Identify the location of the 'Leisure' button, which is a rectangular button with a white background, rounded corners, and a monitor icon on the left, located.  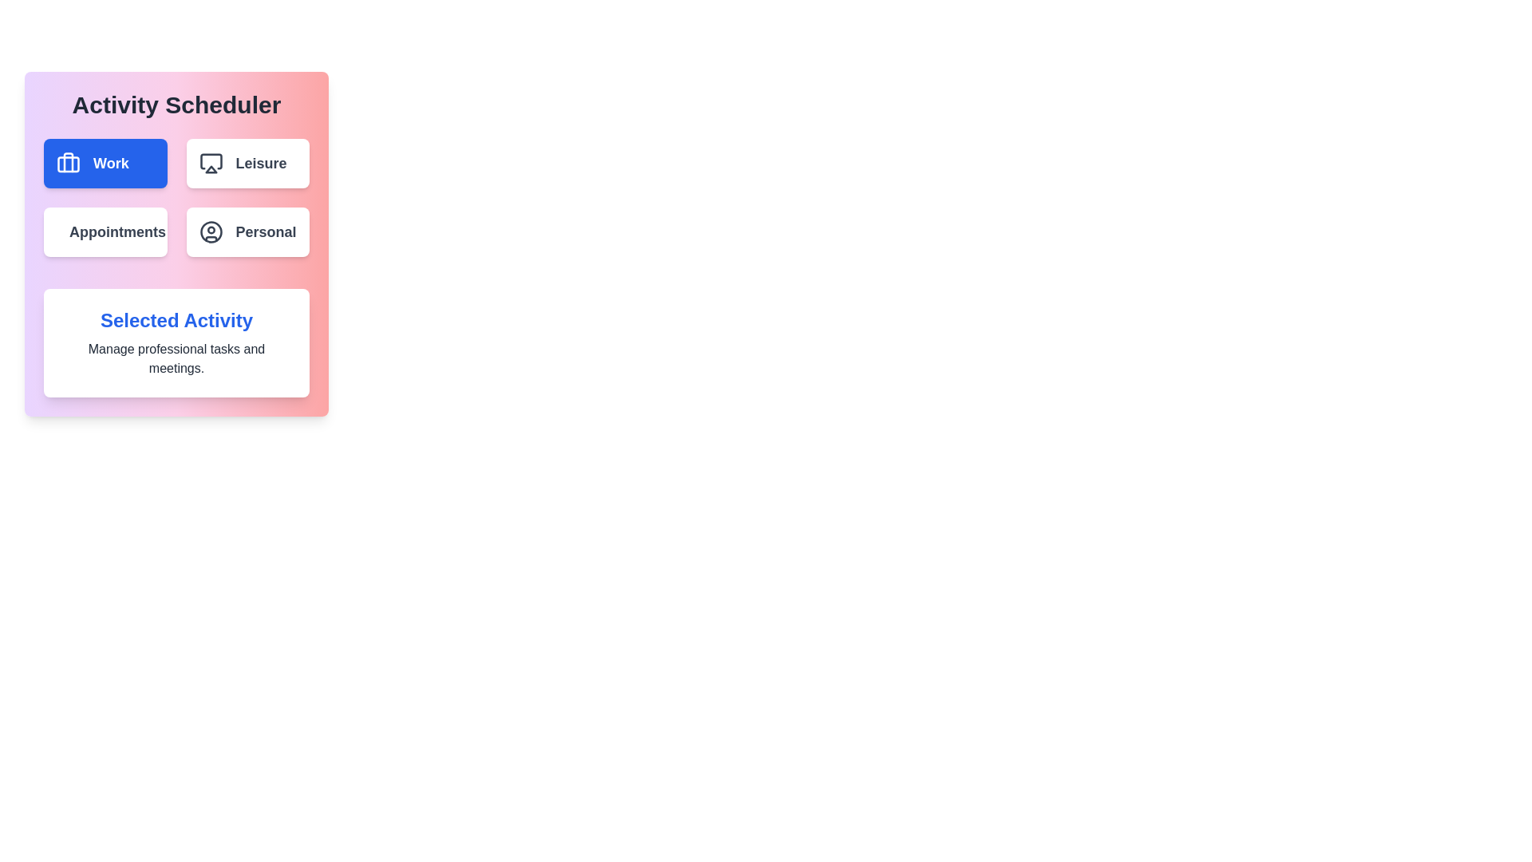
(247, 163).